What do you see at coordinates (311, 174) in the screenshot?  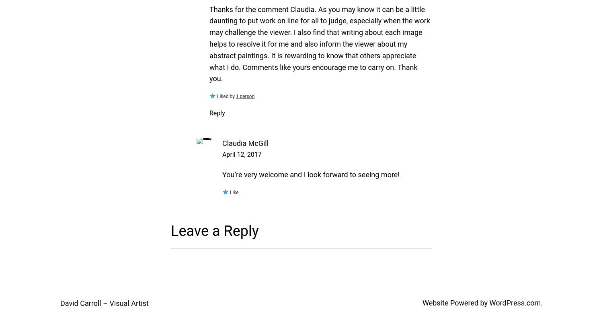 I see `'You’re very welcome and I look forward to seeing more!'` at bounding box center [311, 174].